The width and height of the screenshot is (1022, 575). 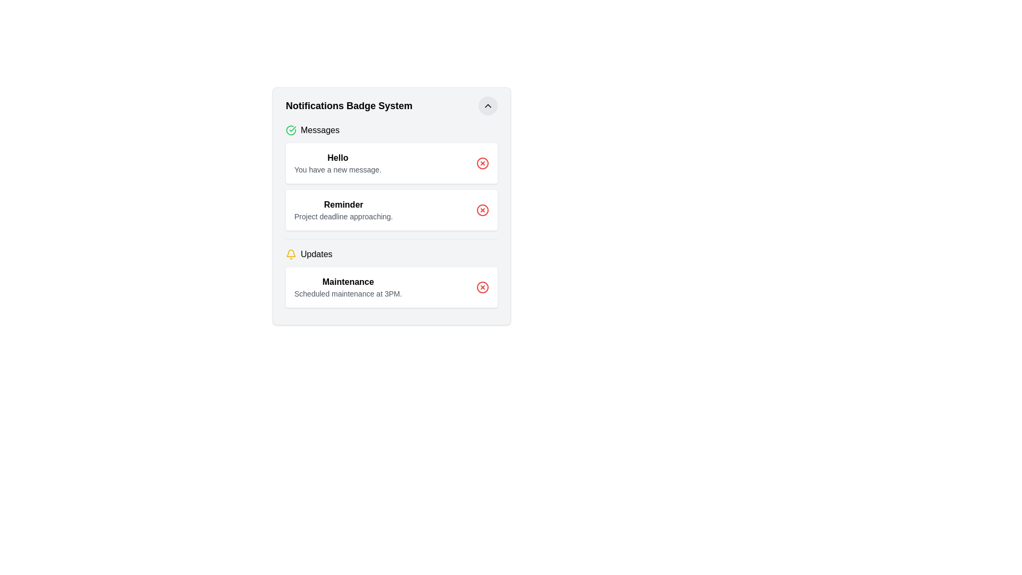 I want to click on the circular component with a red border that is part of the 'X' icon next to the 'Reminder' notification in the 'Messages' section, so click(x=482, y=210).